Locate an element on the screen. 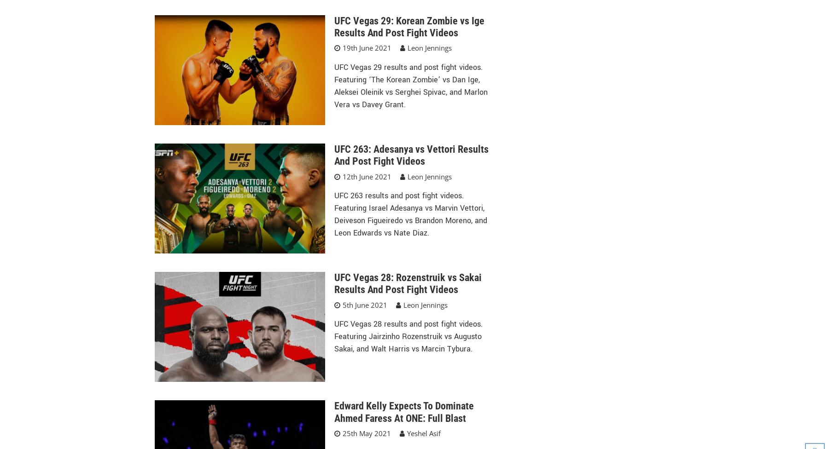 Image resolution: width=834 pixels, height=449 pixels. 'UFC Vegas 29 results and post fight videos. Featuring ‘The Korean Zombie’ vs Dan Ige, Aleksei Oleinik vs Serghei Spivac, and Marlon Vera vs Davey Grant.' is located at coordinates (410, 85).